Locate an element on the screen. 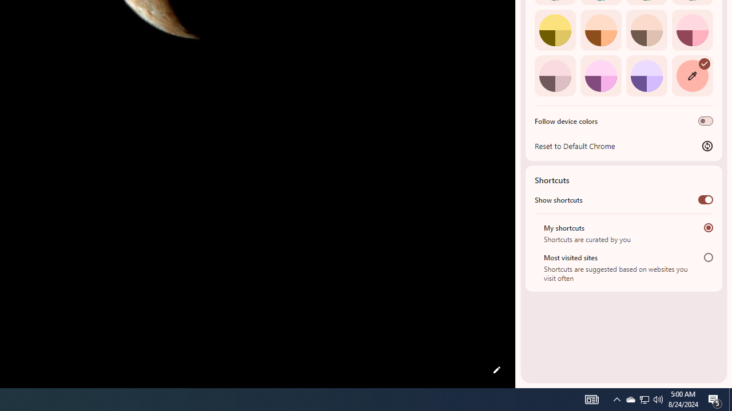 The height and width of the screenshot is (411, 732). 'Rose' is located at coordinates (691, 29).